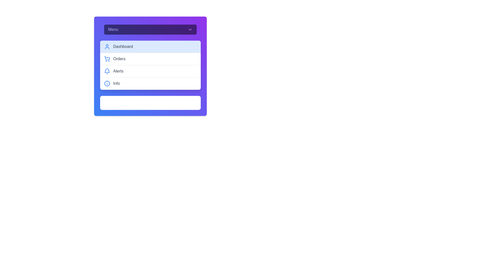 This screenshot has height=271, width=483. I want to click on the blue circular icon with a thin border and centered exclamation mark symbol, located in the fourth row of the menu list to the left of the text 'Info.', so click(107, 83).